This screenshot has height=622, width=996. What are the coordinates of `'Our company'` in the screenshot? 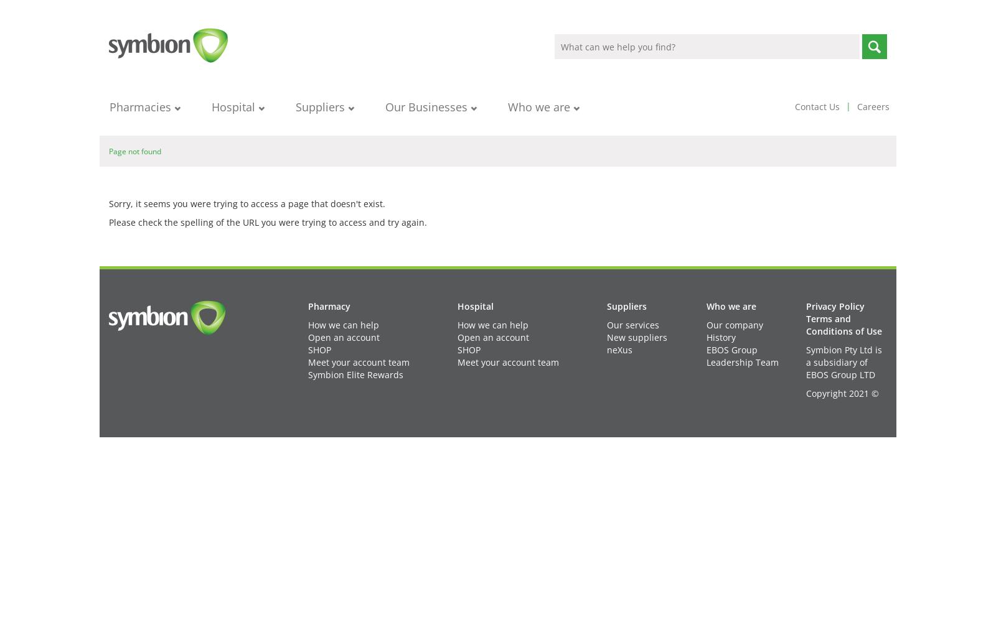 It's located at (734, 325).